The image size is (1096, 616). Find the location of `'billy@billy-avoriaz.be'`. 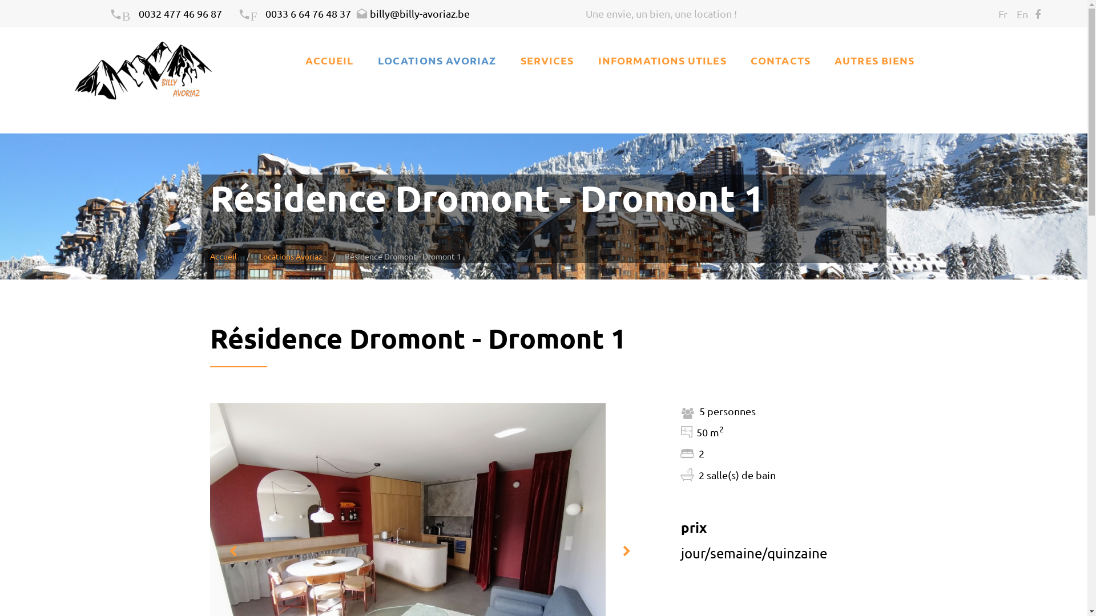

'billy@billy-avoriaz.be' is located at coordinates (412, 13).